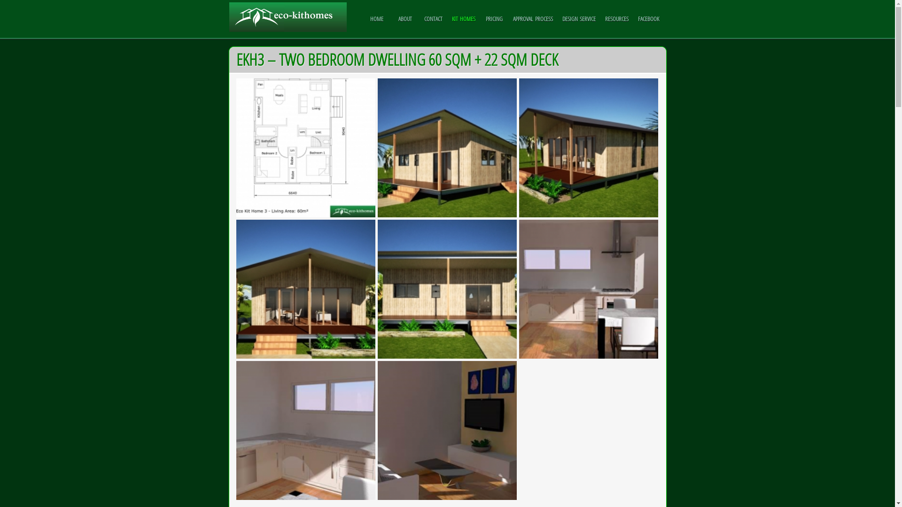 This screenshot has height=507, width=902. Describe the element at coordinates (648, 18) in the screenshot. I see `'FACEBOOK'` at that location.